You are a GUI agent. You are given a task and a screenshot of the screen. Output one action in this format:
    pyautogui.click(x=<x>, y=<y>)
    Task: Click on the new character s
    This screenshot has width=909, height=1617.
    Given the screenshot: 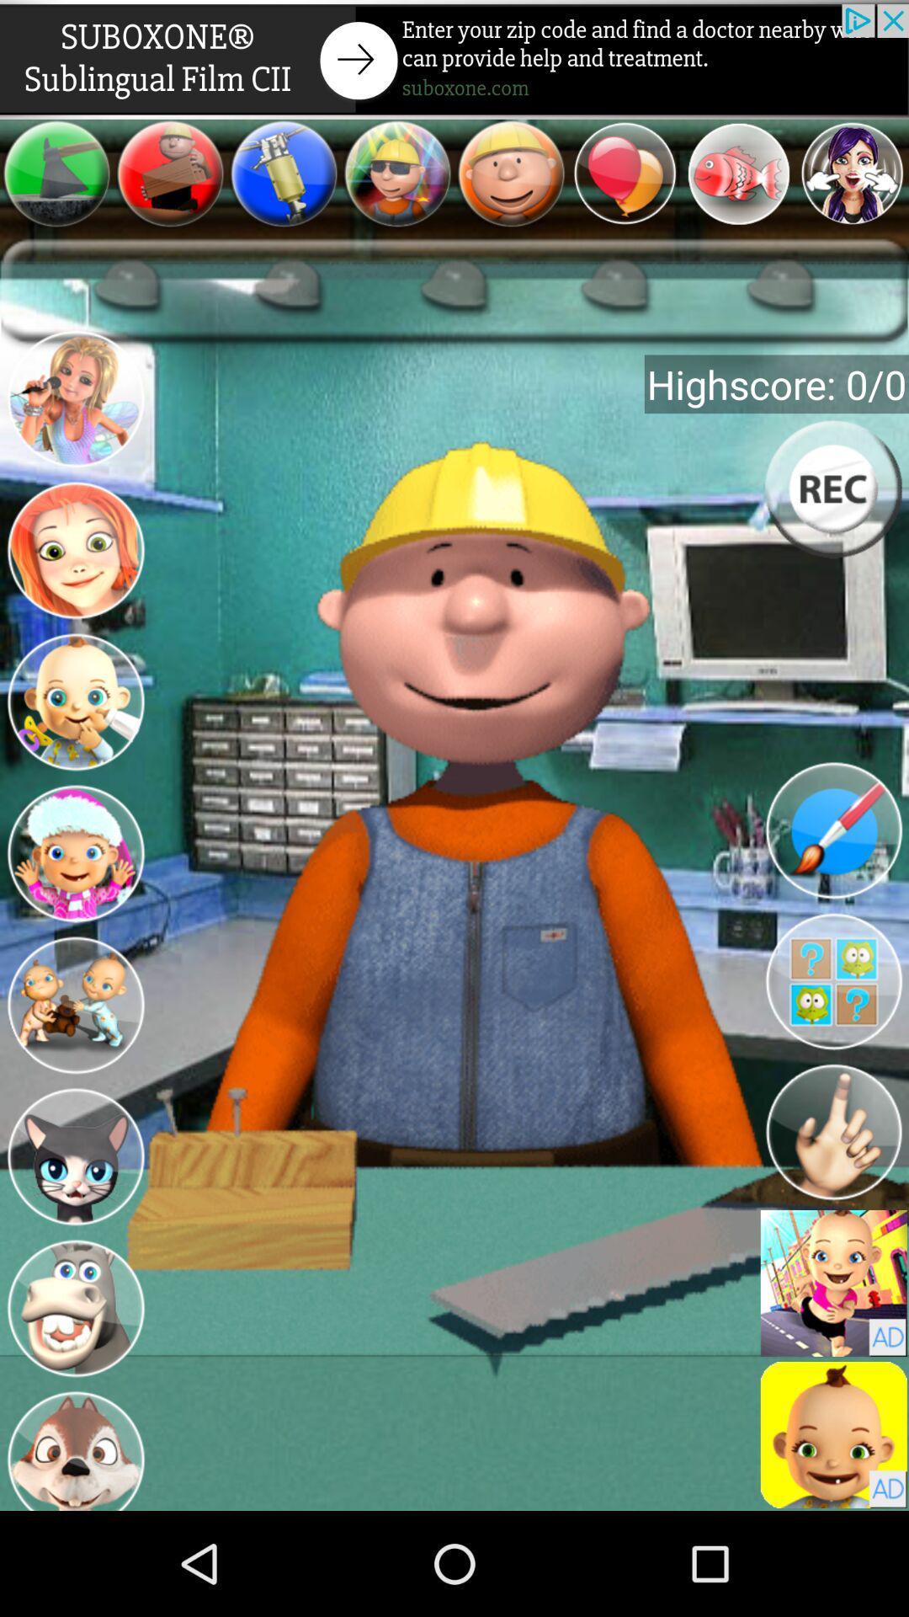 What is the action you would take?
    pyautogui.click(x=74, y=400)
    